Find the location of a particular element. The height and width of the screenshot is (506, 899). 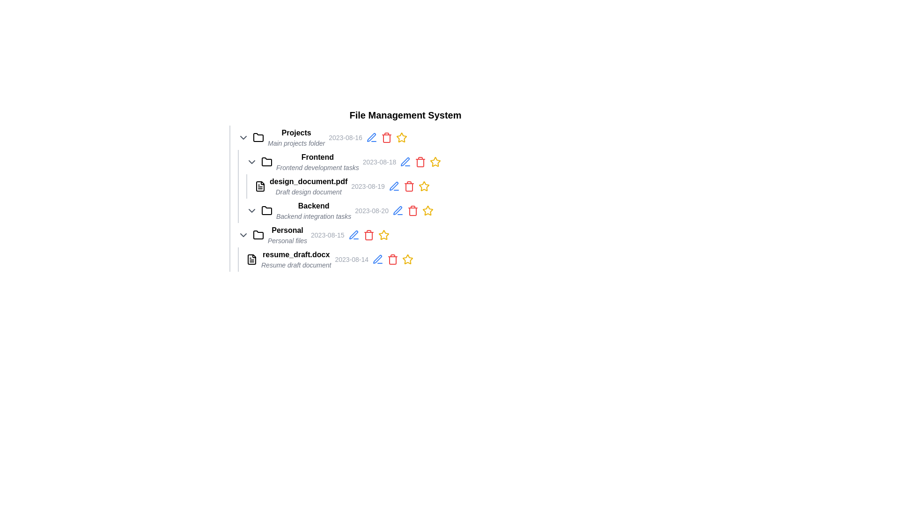

the 'Personal' text label which indicates a folder within the file management interface, located under the 'Backend' folder is located at coordinates (287, 234).